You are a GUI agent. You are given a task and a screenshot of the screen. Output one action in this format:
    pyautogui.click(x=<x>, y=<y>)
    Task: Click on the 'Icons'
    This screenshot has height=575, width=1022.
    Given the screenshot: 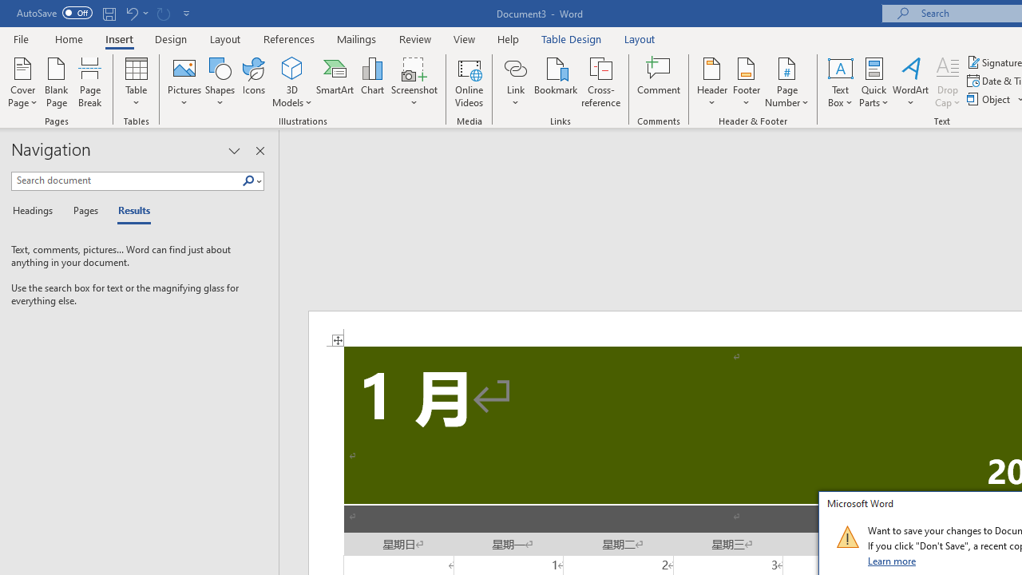 What is the action you would take?
    pyautogui.click(x=253, y=82)
    